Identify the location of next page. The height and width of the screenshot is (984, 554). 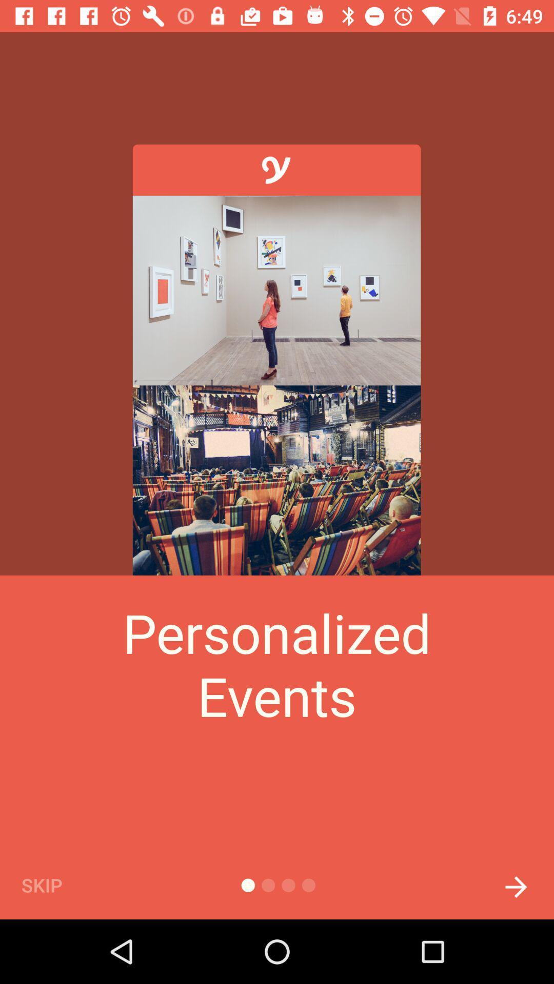
(516, 884).